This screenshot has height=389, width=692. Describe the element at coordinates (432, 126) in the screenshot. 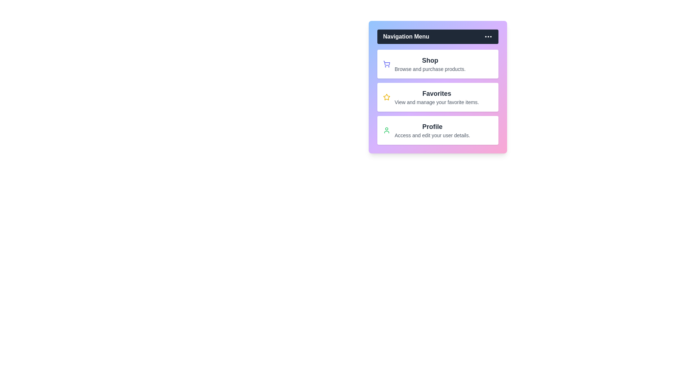

I see `the 'Profile' item in the navigation menu` at that location.